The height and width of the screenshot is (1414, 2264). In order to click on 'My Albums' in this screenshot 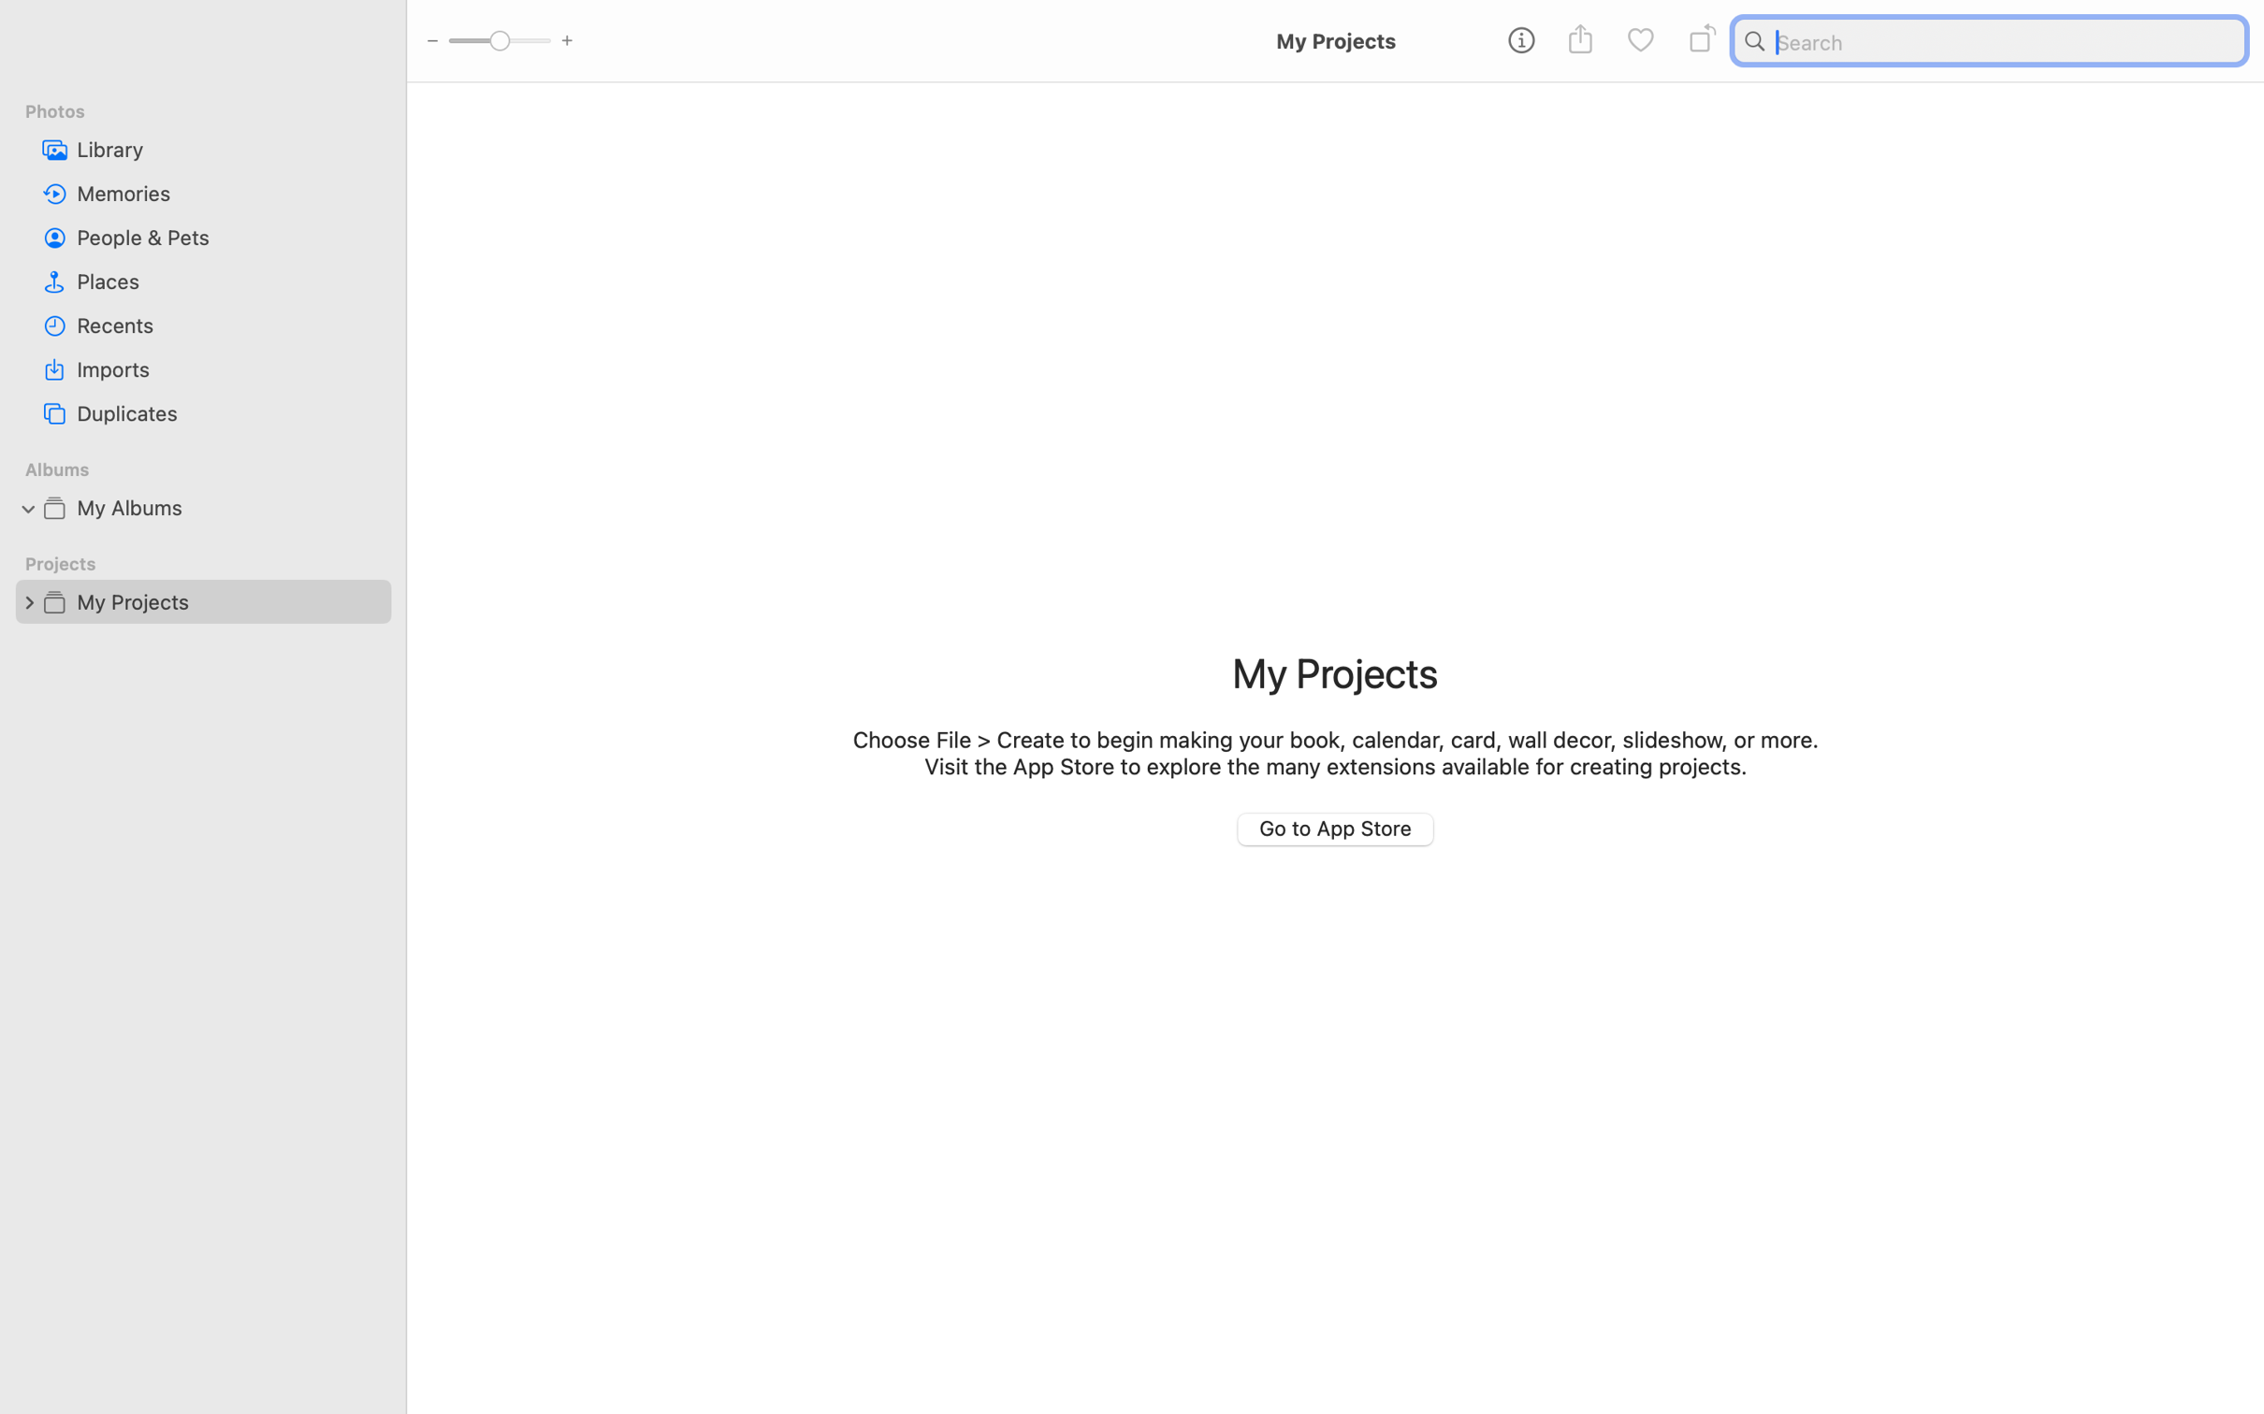, I will do `click(228, 508)`.